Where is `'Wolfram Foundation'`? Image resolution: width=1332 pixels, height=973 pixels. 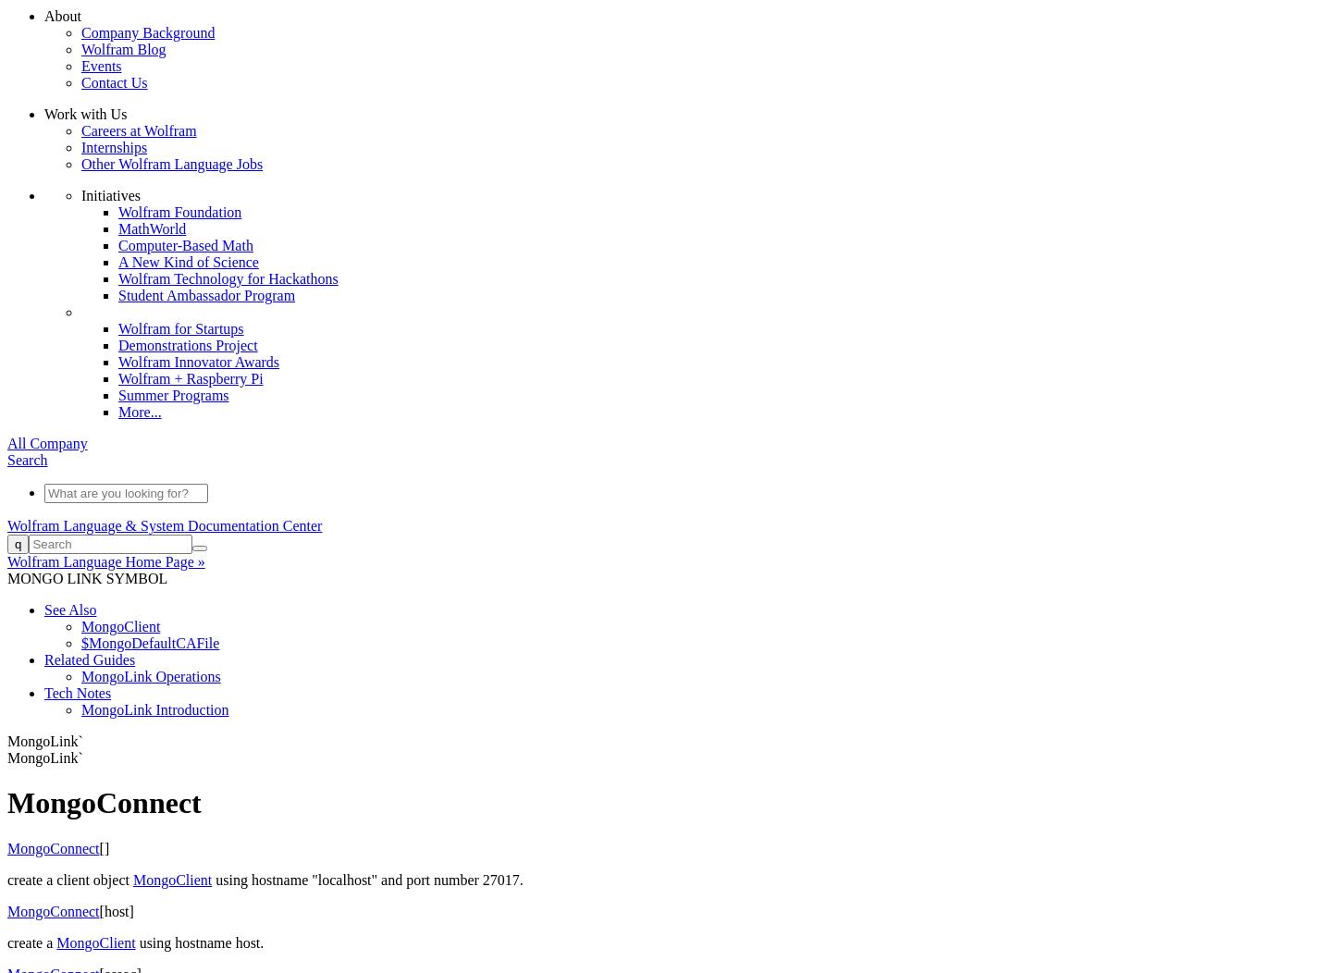 'Wolfram Foundation' is located at coordinates (179, 210).